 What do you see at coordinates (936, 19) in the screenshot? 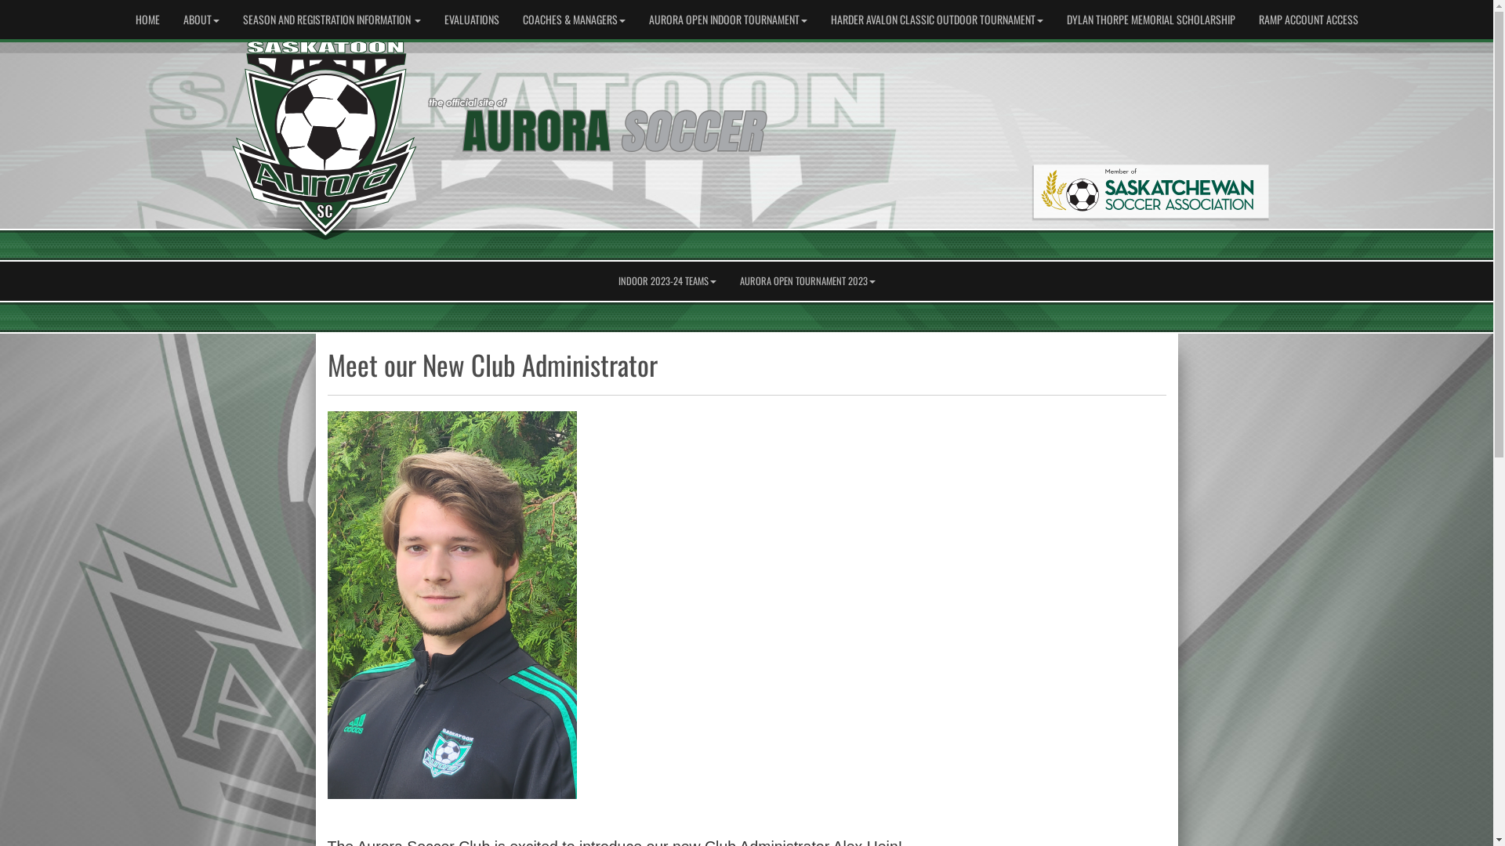
I see `'HARDER AVALON CLASSIC OUTDOOR TOURNAMENT'` at bounding box center [936, 19].